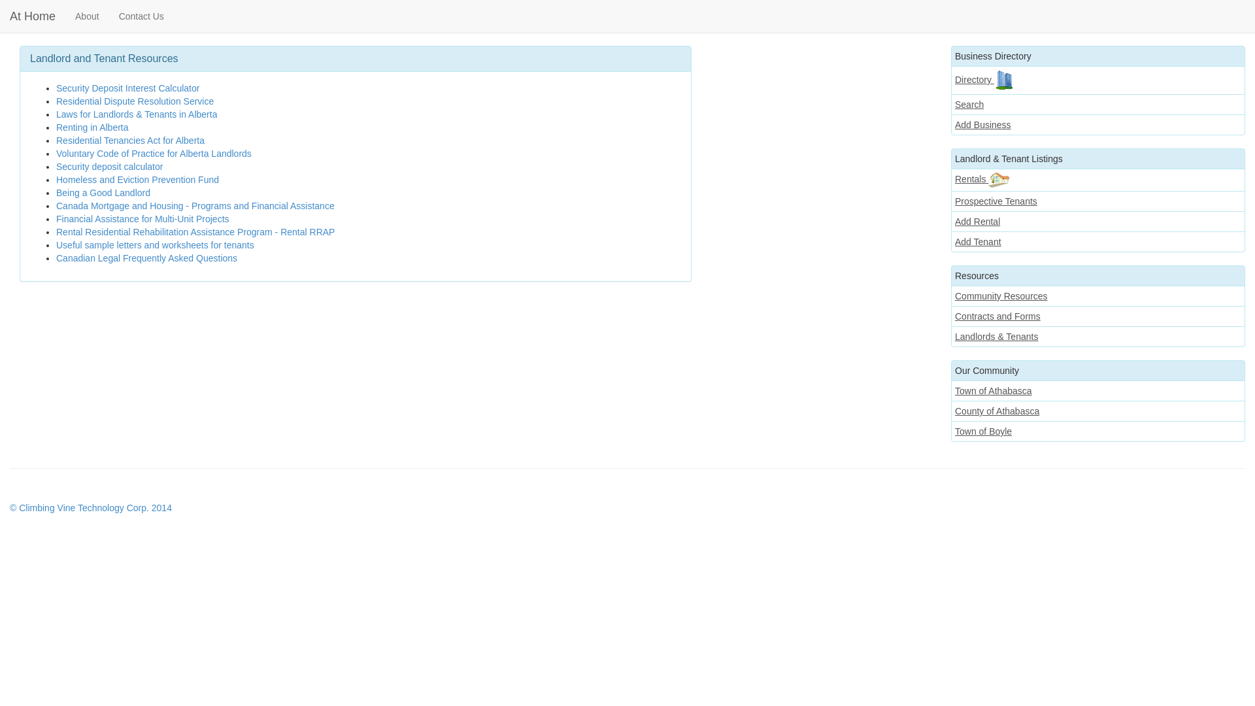 This screenshot has height=706, width=1255. What do you see at coordinates (141, 16) in the screenshot?
I see `'Contact Us'` at bounding box center [141, 16].